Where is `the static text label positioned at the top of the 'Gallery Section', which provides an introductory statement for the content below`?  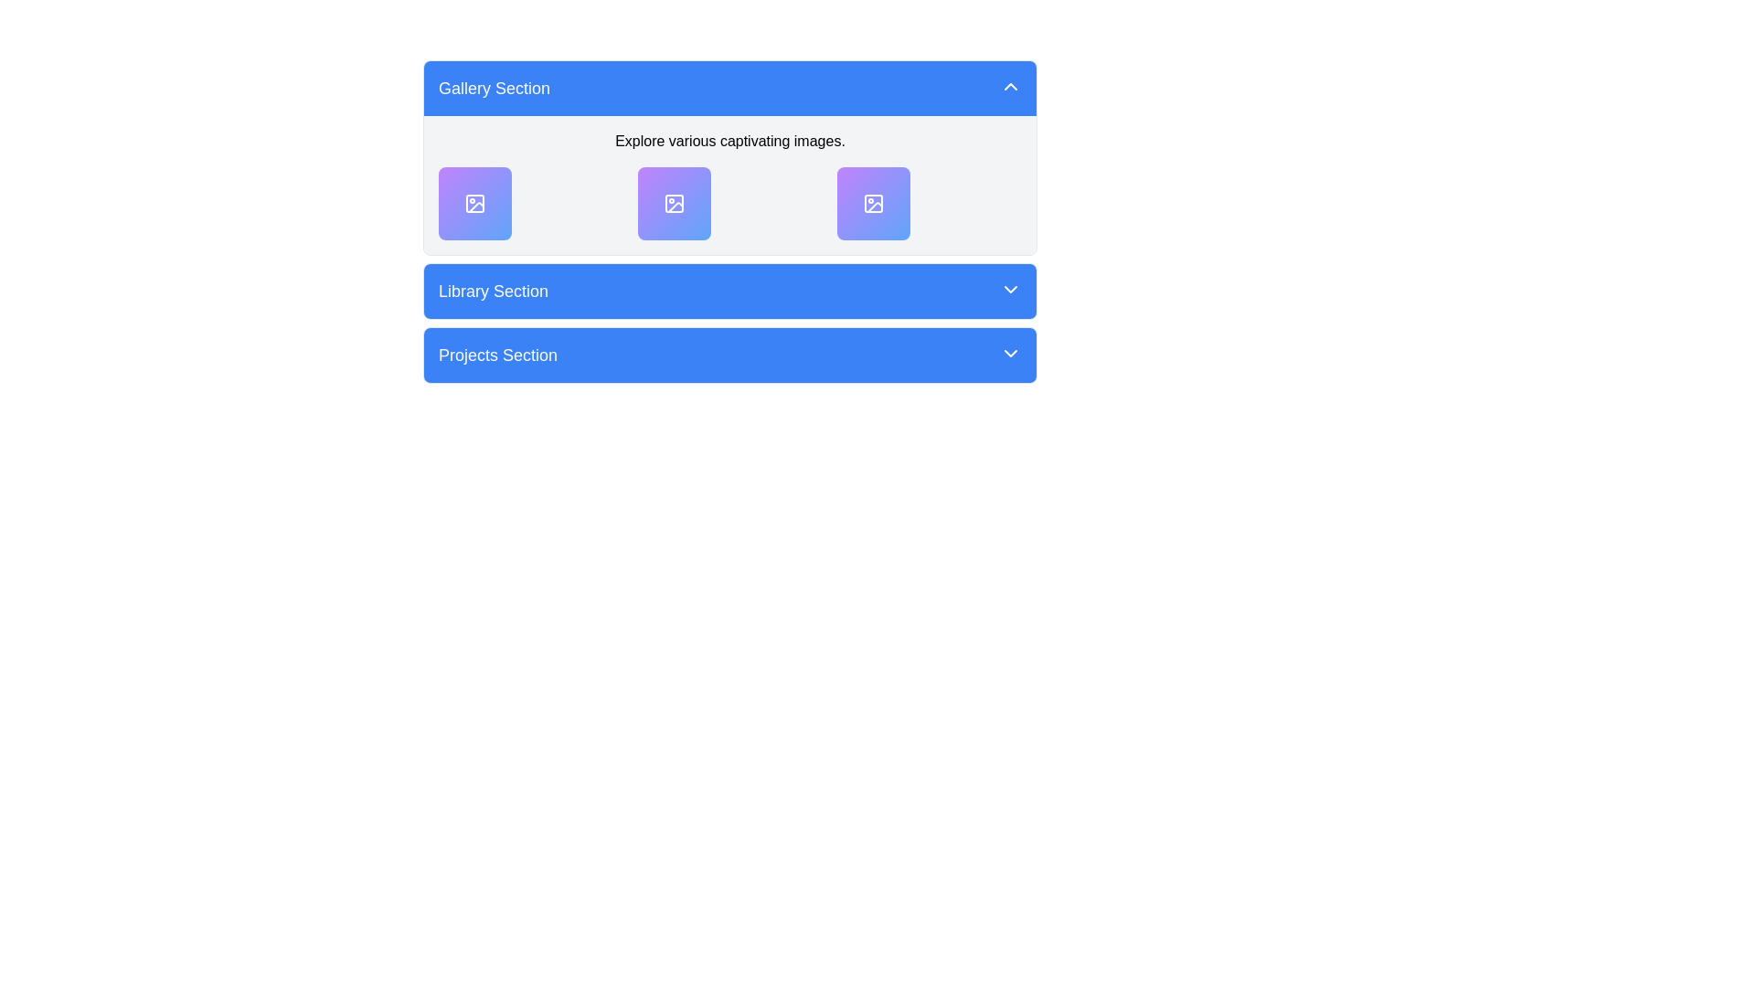 the static text label positioned at the top of the 'Gallery Section', which provides an introductory statement for the content below is located at coordinates (729, 140).